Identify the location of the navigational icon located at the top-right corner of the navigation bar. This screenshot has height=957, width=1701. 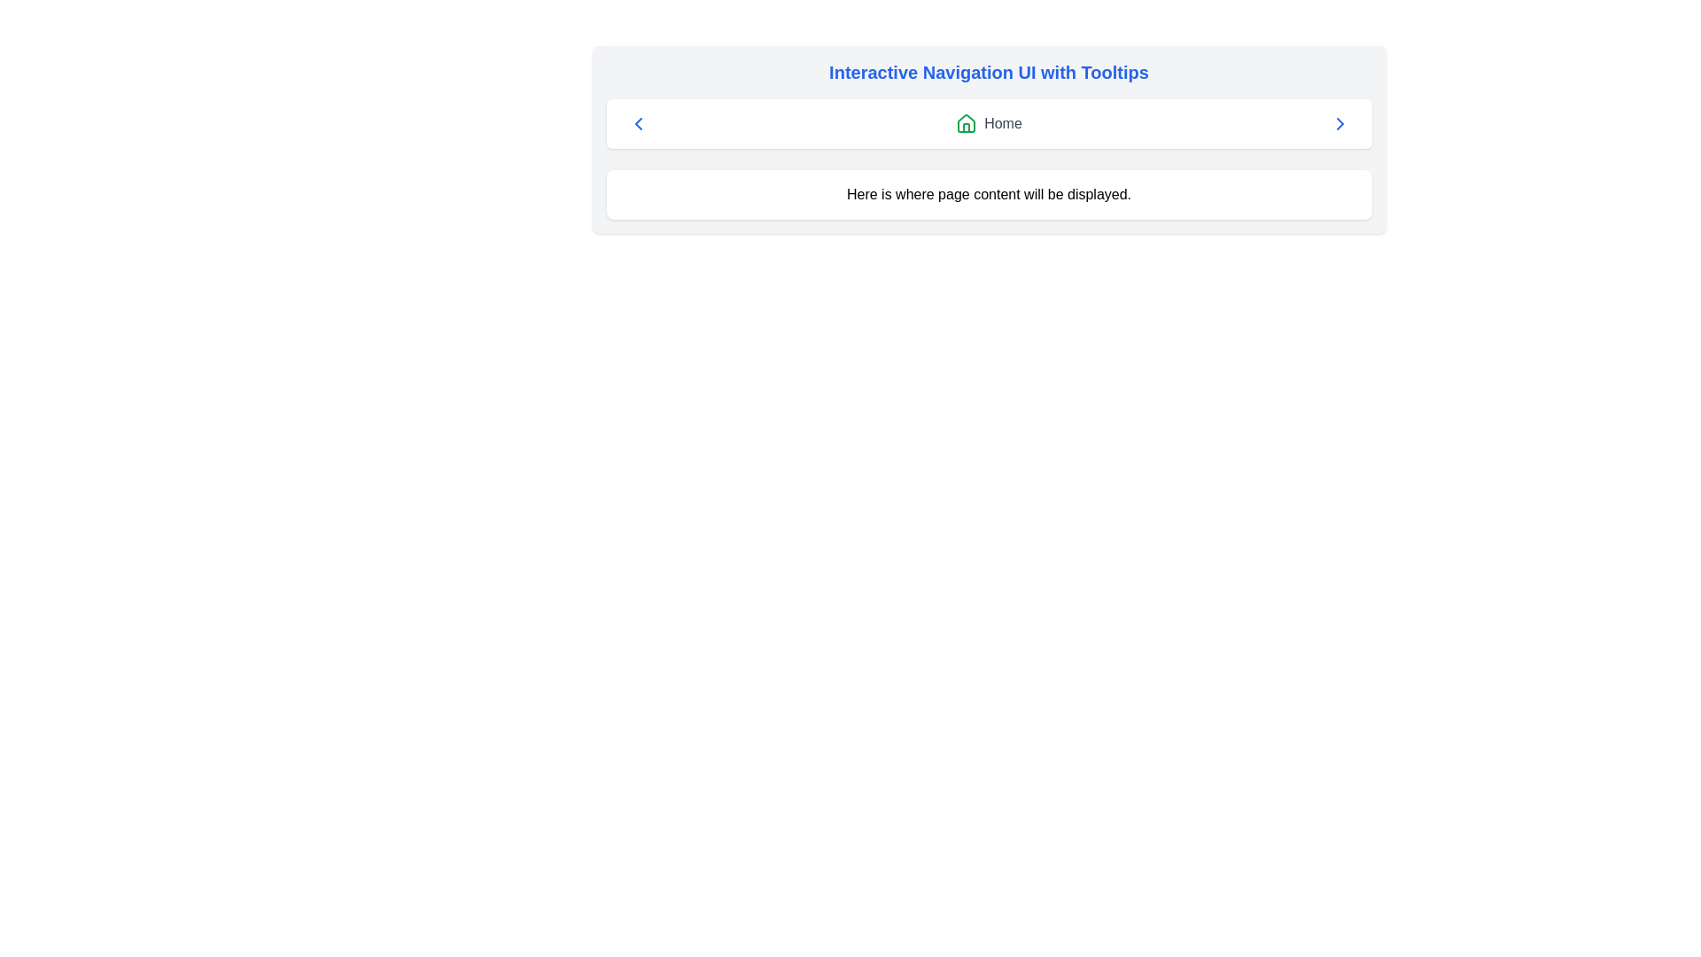
(1340, 122).